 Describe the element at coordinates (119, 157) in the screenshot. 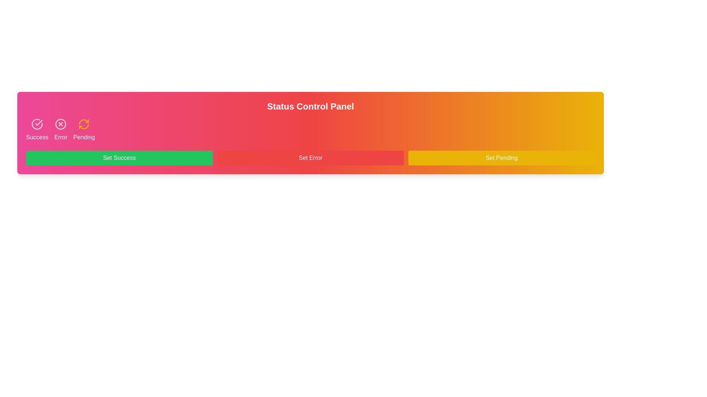

I see `the 'Set Success' button, which is the first button in a group of three, featuring white text on a green background with rounded corners` at that location.